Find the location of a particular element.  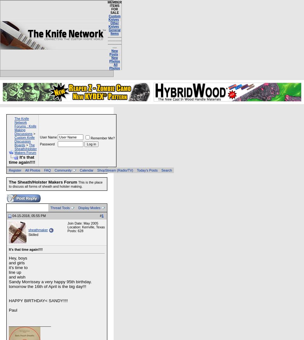

'Other Knives' is located at coordinates (113, 25).